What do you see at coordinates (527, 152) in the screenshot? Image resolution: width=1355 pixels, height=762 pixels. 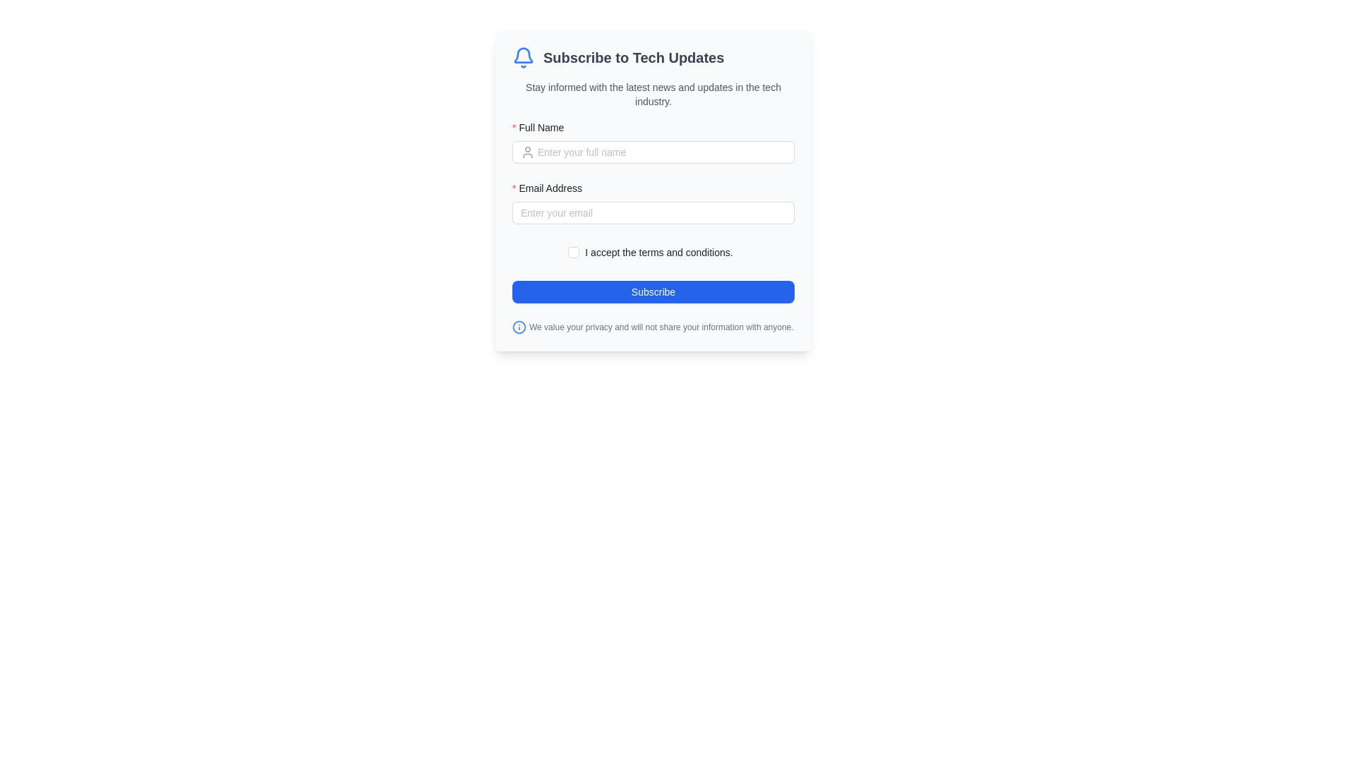 I see `the user profile icon located to the left of the 'Full Name' text input field in the subscription form` at bounding box center [527, 152].